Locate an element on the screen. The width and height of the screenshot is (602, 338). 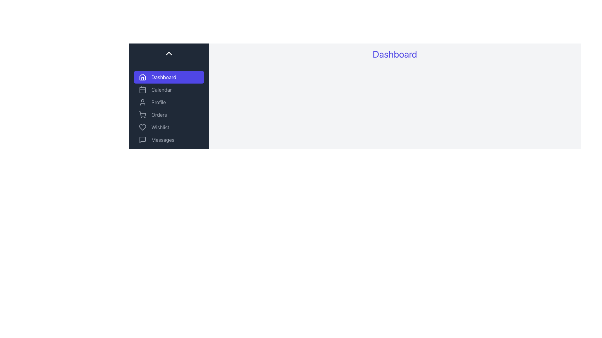
the 'Home' or 'Dashboard' icon in the side navigation menu, located at the top of the menu list above the 'Calendar' option is located at coordinates (142, 77).